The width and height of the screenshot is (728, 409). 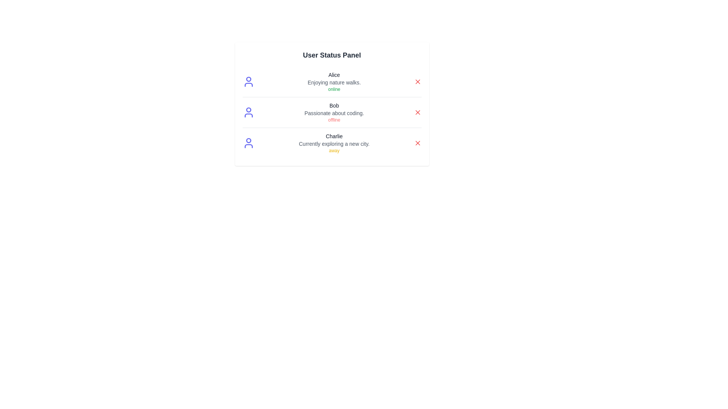 I want to click on the text header labeled 'User Status Panel', which is displayed in a large, bold, dark-gray font, positioned at the top of the user status information panel, so click(x=332, y=55).